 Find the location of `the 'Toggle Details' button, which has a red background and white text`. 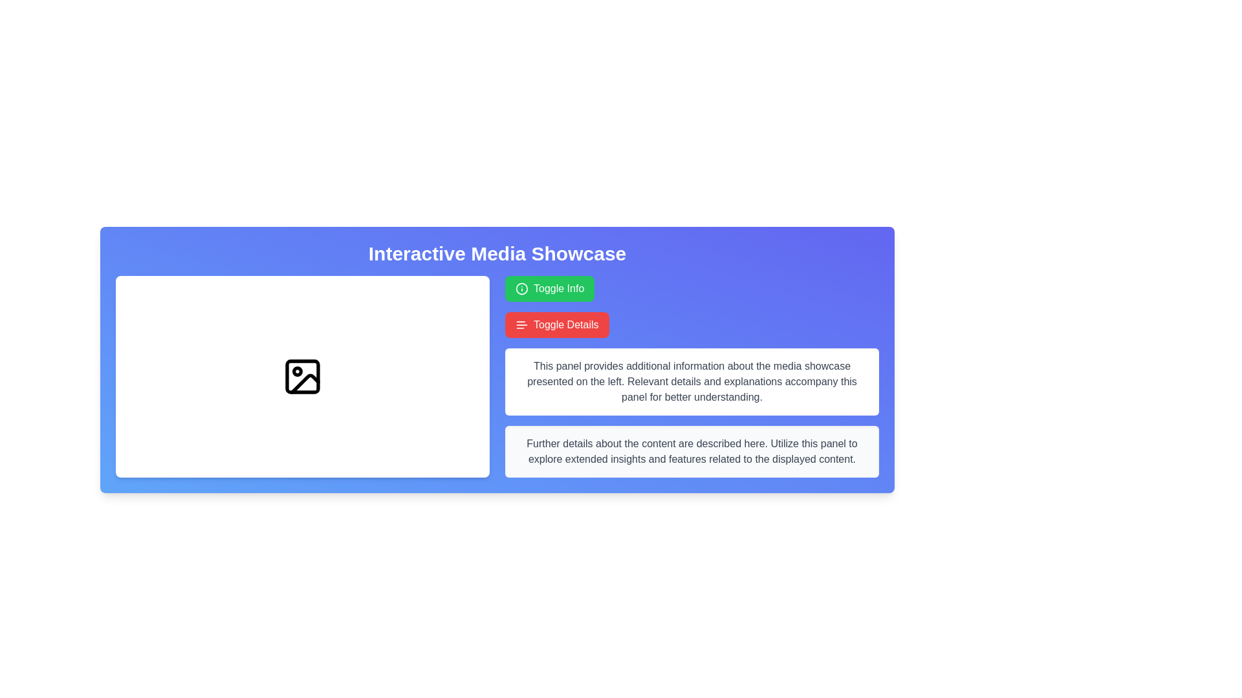

the 'Toggle Details' button, which has a red background and white text is located at coordinates (557, 324).